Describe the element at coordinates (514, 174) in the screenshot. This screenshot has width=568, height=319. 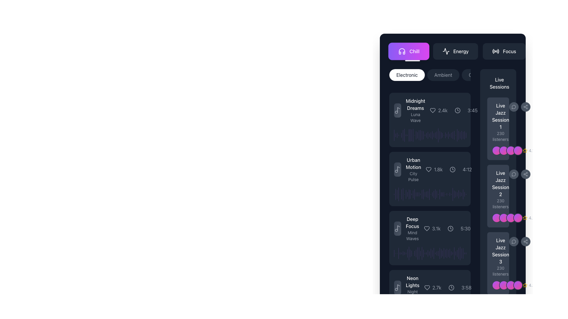
I see `the messaging or commenting icon associated with the 'Live Jazz Session 2' entry, located on the right side of the interface` at that location.